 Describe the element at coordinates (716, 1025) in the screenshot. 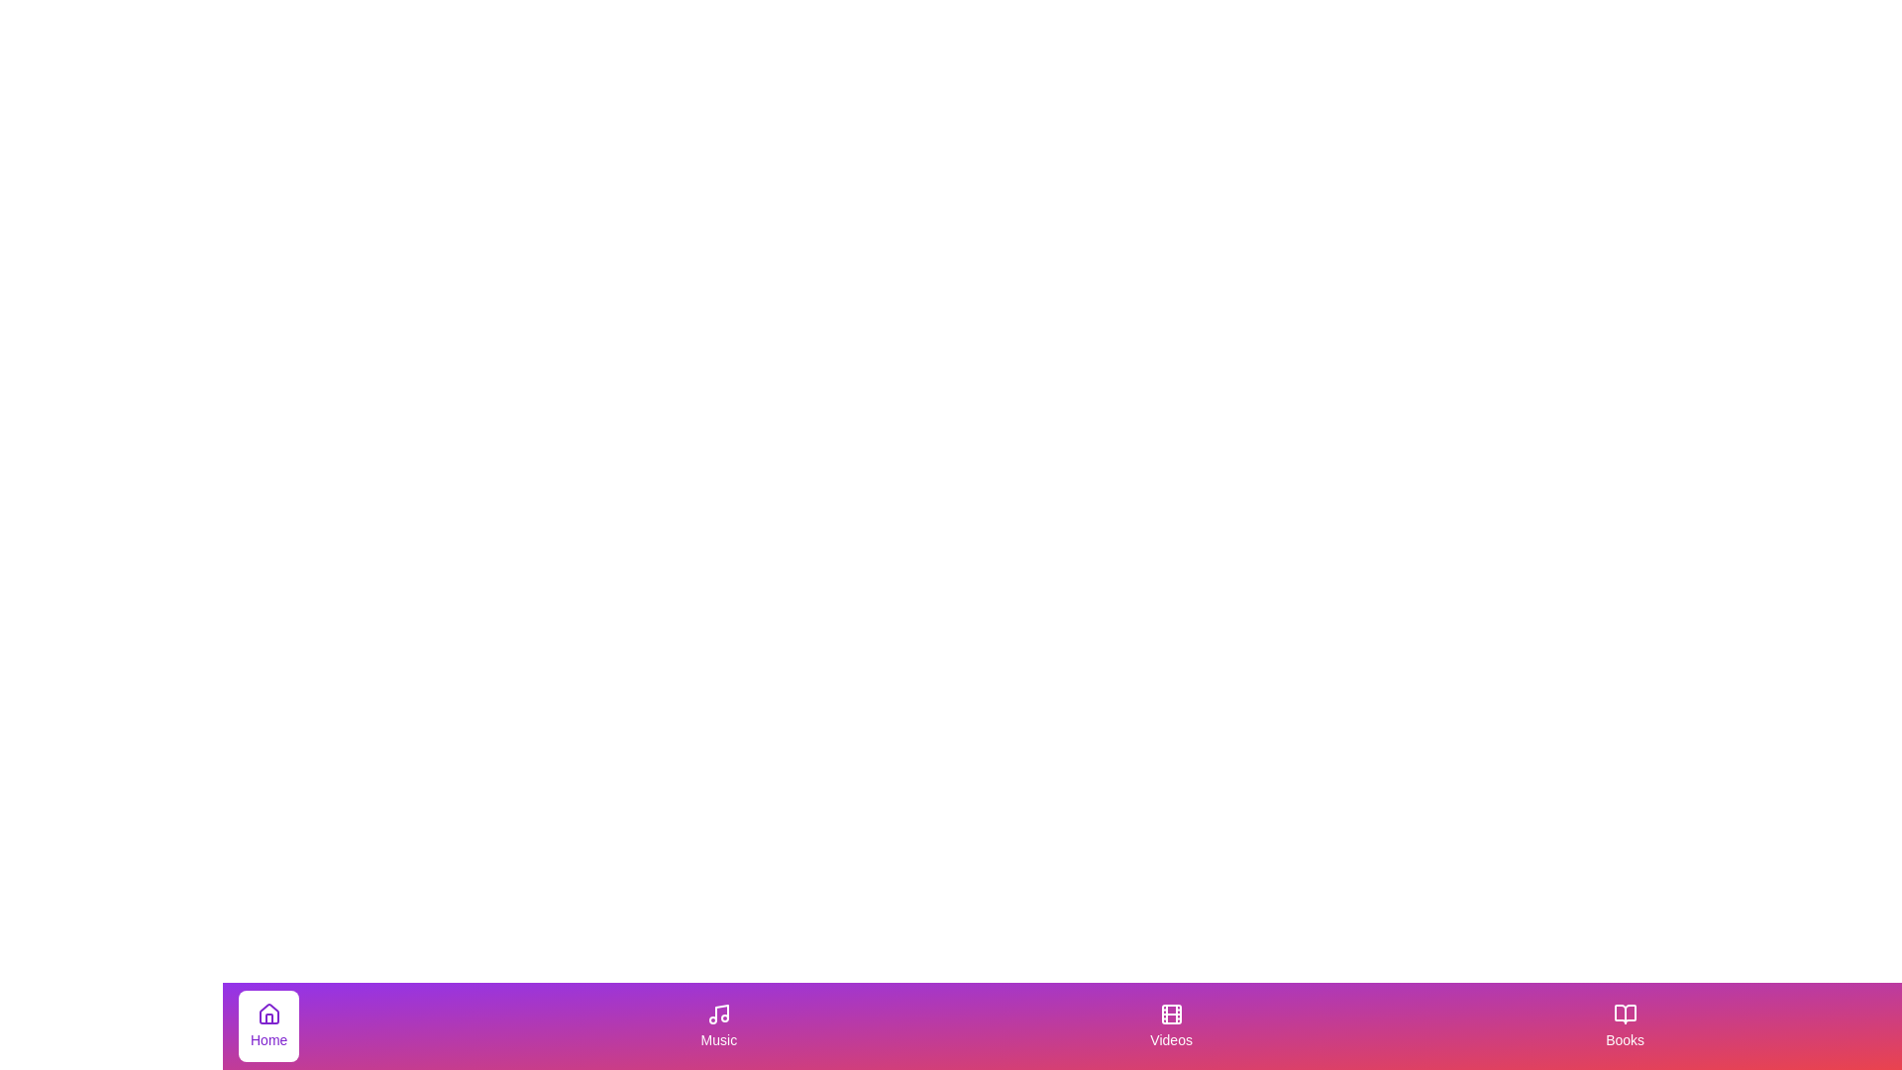

I see `the Music button to switch to the corresponding tab` at that location.